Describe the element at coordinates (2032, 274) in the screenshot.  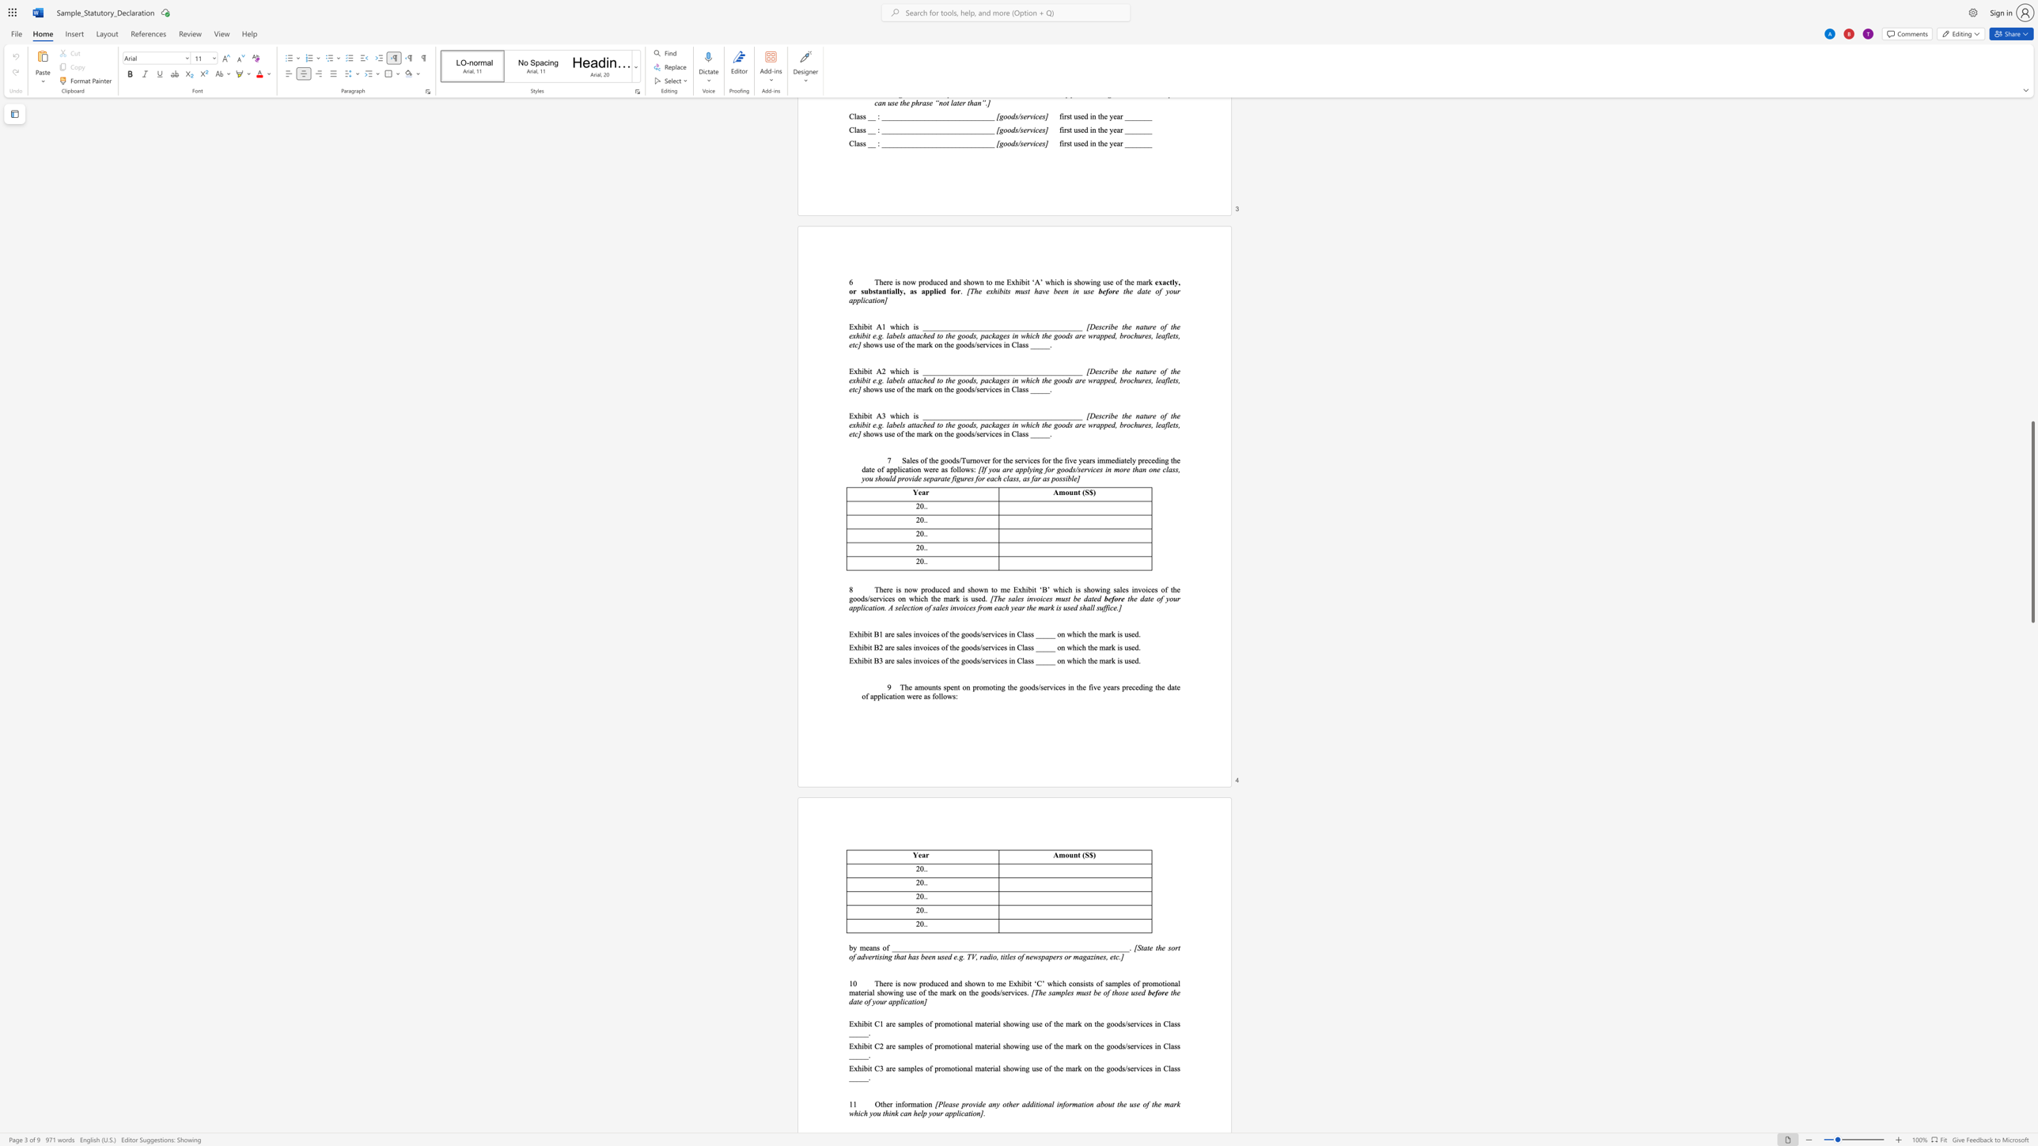
I see `the scrollbar to slide the page up` at that location.